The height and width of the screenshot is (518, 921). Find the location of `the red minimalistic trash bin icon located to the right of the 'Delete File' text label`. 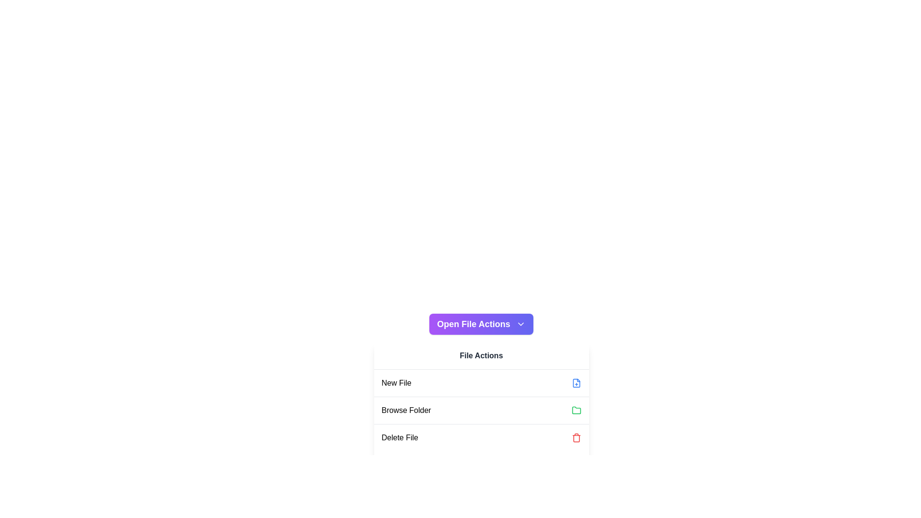

the red minimalistic trash bin icon located to the right of the 'Delete File' text label is located at coordinates (576, 438).